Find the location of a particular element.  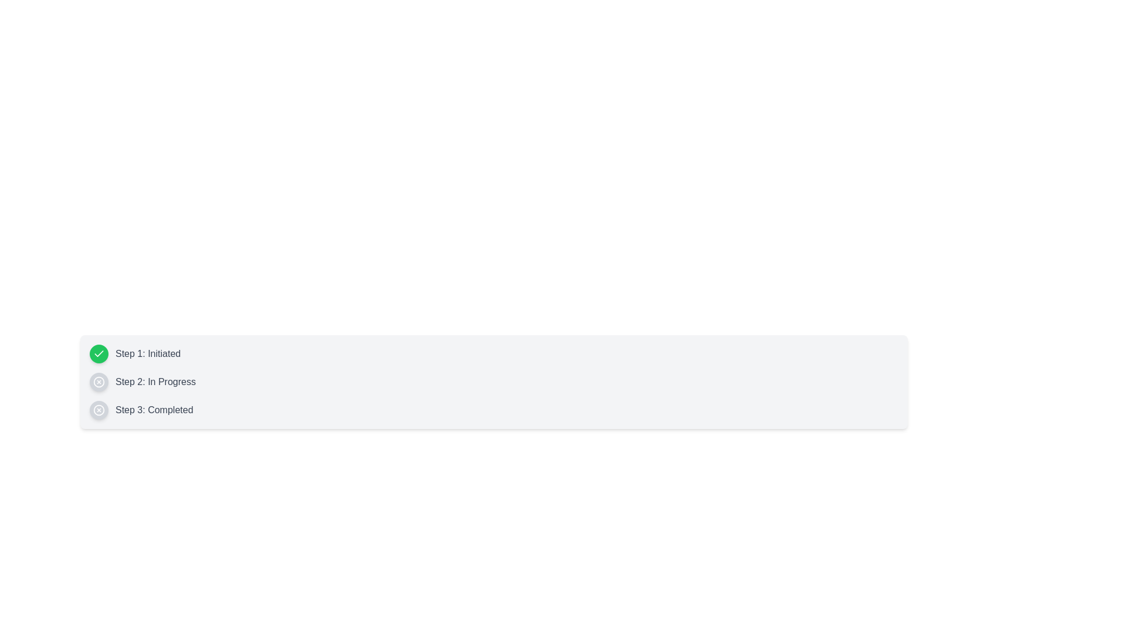

the third circular status indicator in the list, which has a gray background and a white 'X' in the center, indicating a canceled status is located at coordinates (99, 409).